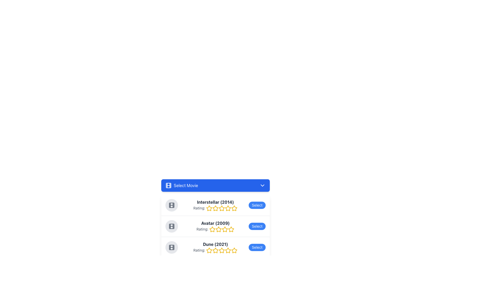  I want to click on the second icon in the dropdown interface that visually represents or categorizes the movie item, located below 'Interstellar (2014)' and above 'Dune (2021)', so click(171, 226).